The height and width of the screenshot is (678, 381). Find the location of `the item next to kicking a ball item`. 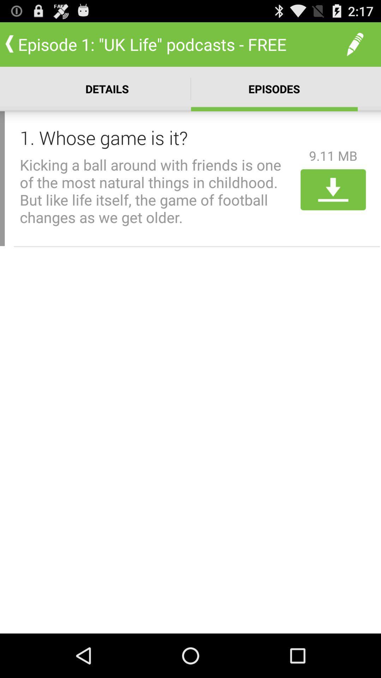

the item next to kicking a ball item is located at coordinates (333, 190).